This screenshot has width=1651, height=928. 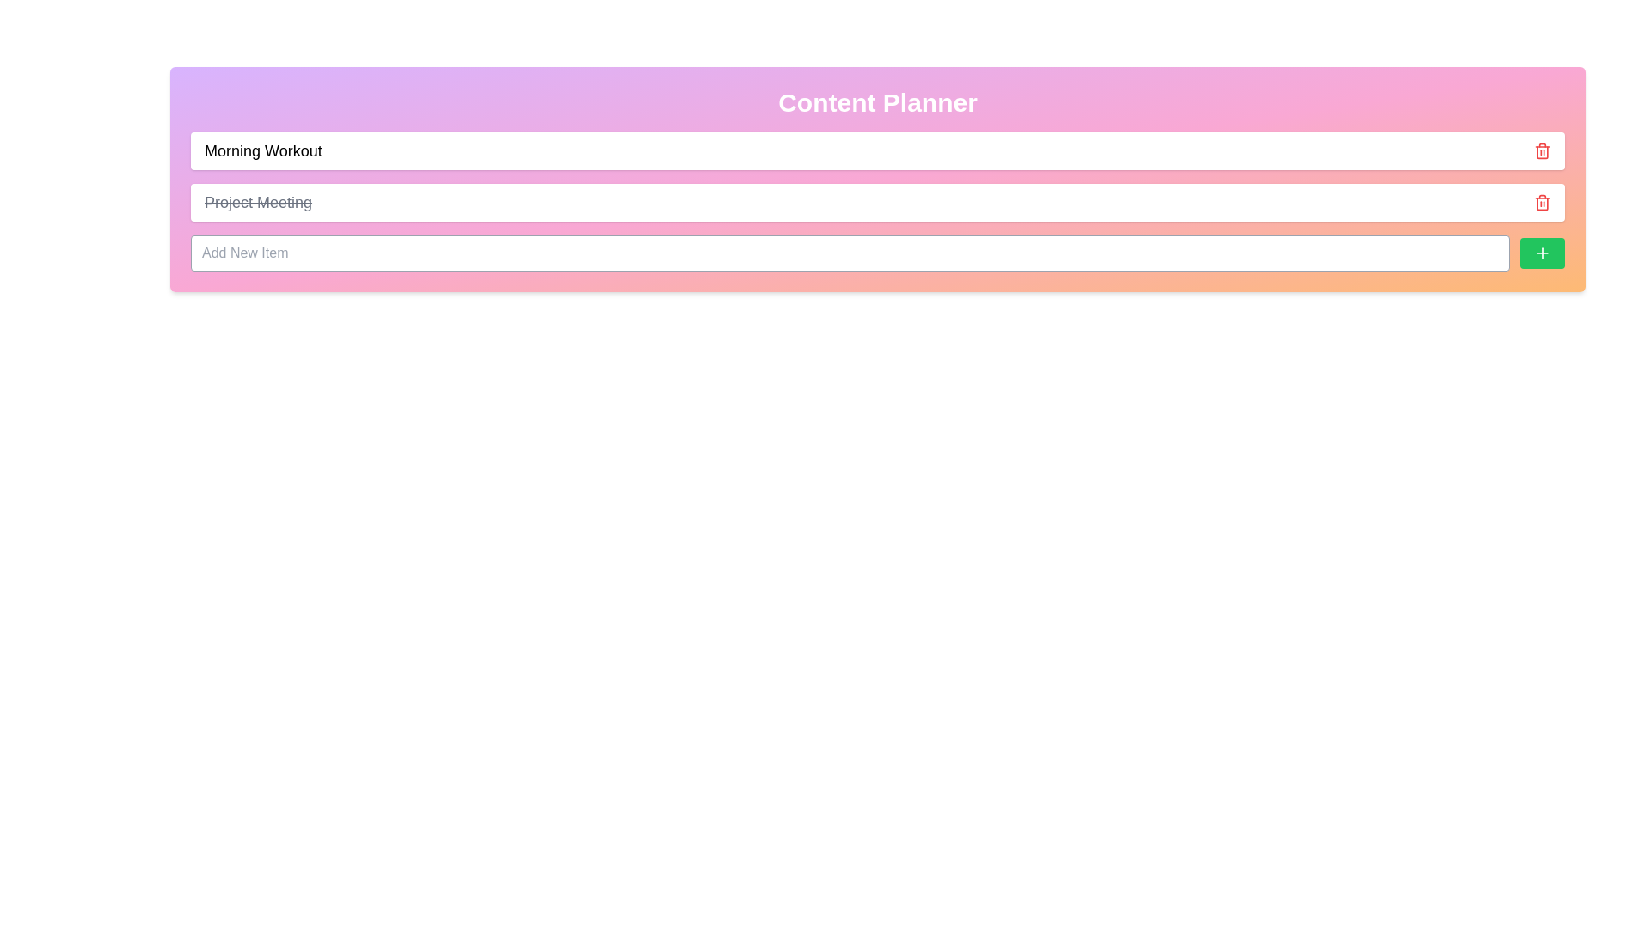 I want to click on the Text Label that serves as a title for the content planner section, located in the header above 'Morning Workout' and 'Project Meeting', so click(x=878, y=102).